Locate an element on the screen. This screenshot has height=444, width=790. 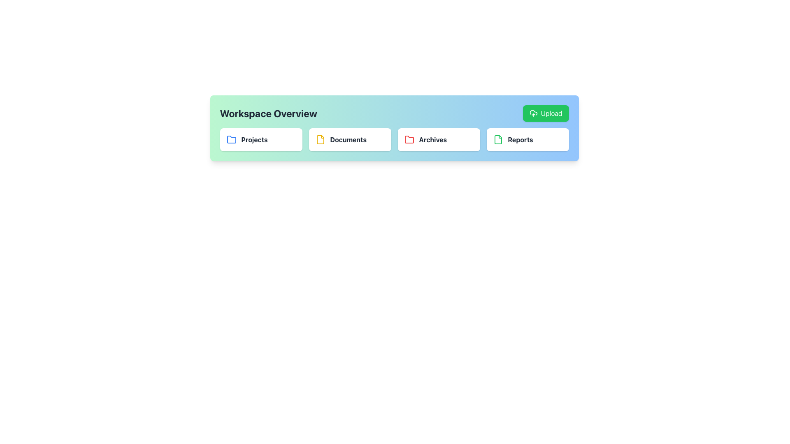
the folder icon representing the 'Projects' category is located at coordinates (231, 139).